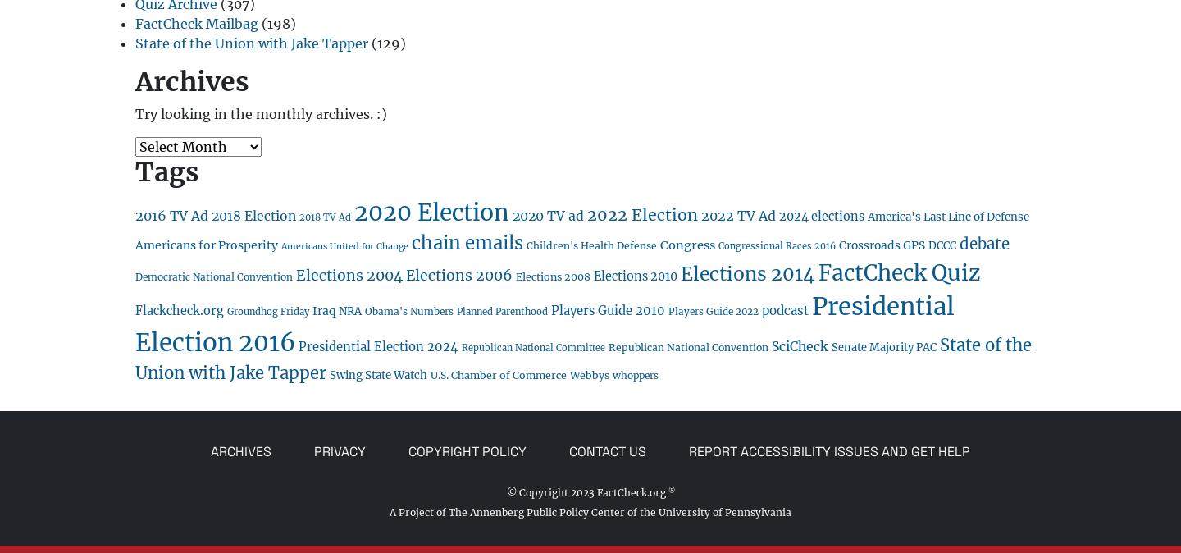 The height and width of the screenshot is (553, 1181). I want to click on '© Copyright 2023 FactCheck.org', so click(586, 491).